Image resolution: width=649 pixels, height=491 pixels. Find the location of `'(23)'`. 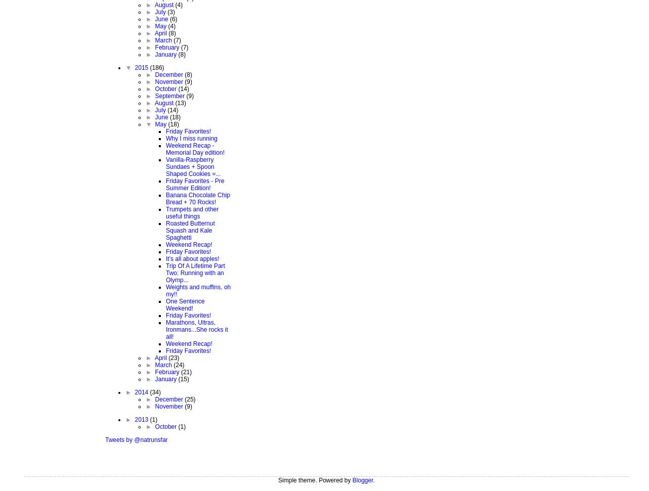

'(23)' is located at coordinates (174, 356).